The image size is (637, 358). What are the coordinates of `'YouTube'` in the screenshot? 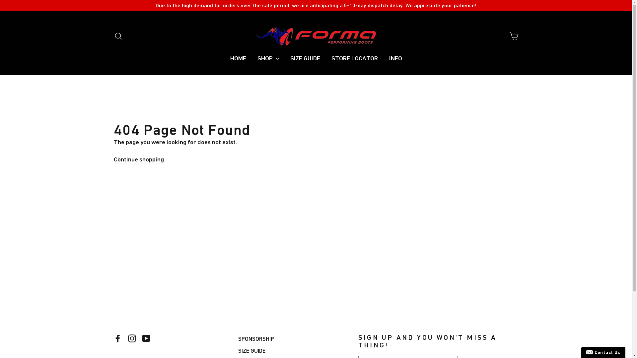 It's located at (146, 338).